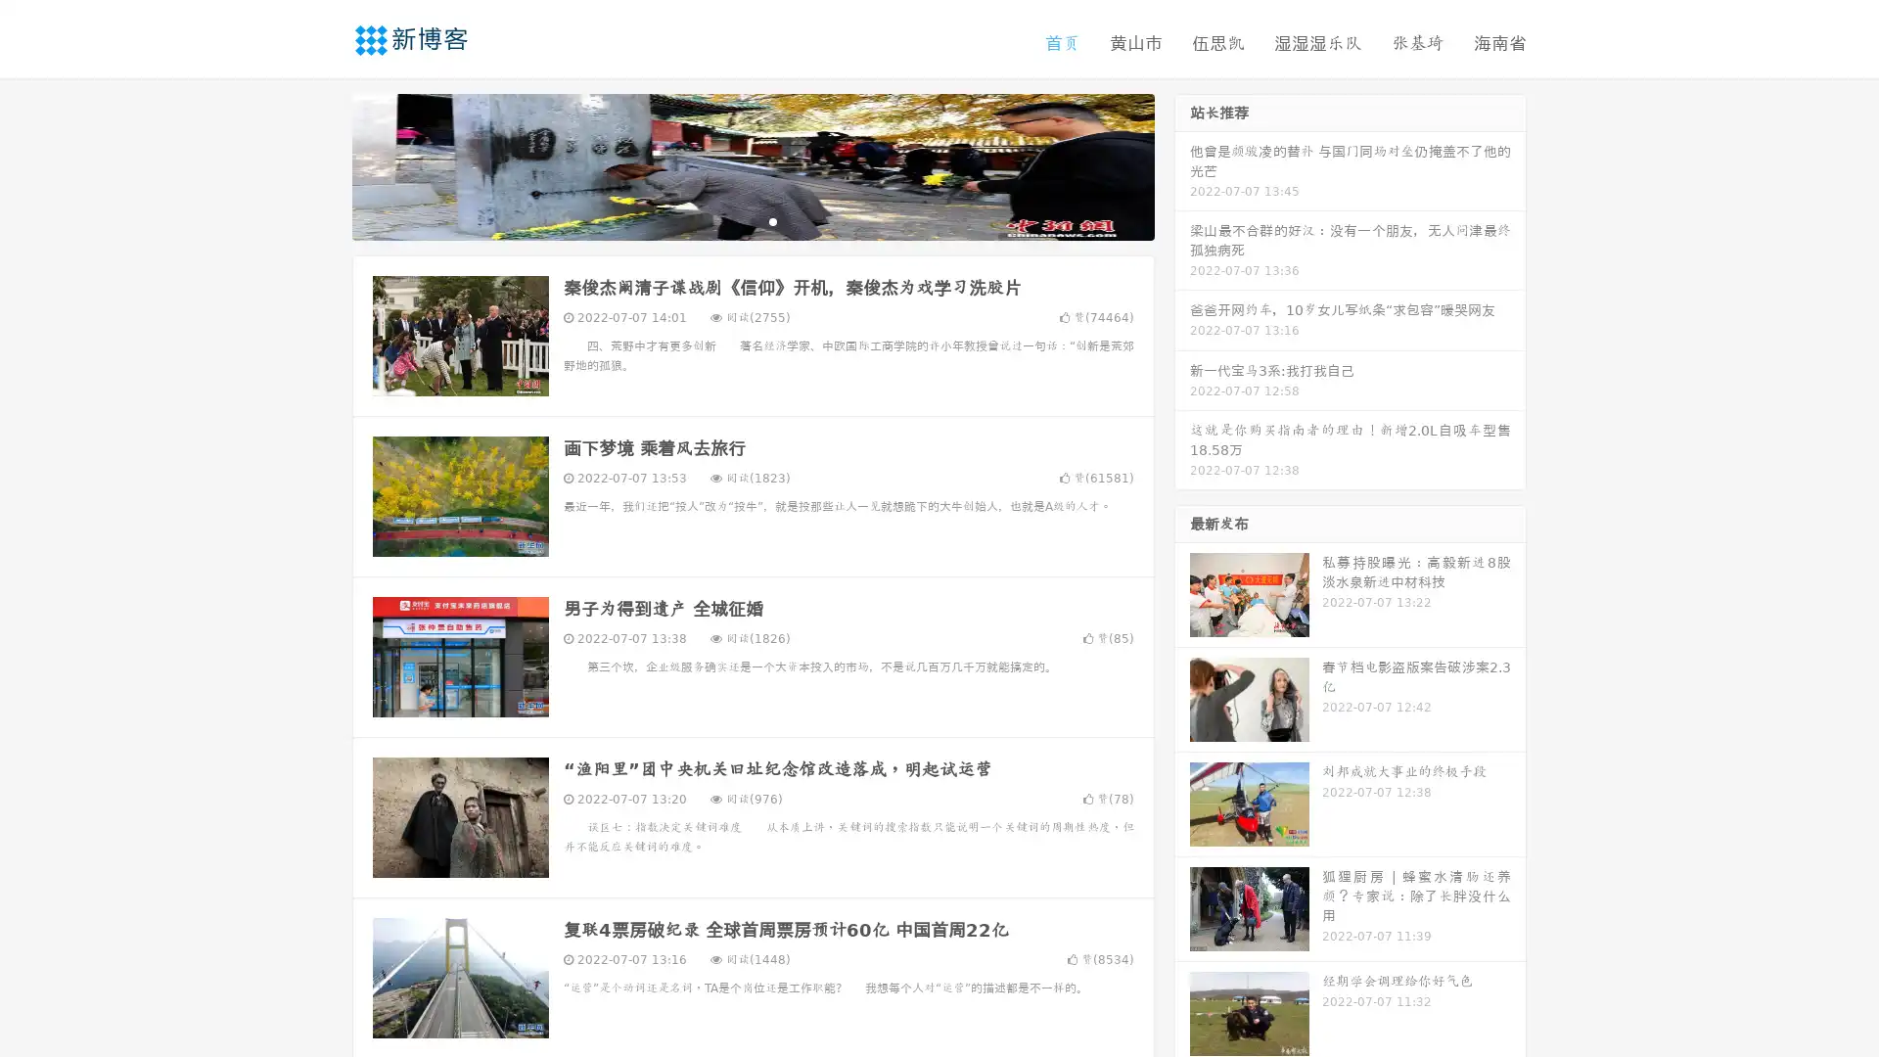 The height and width of the screenshot is (1057, 1879). Describe the element at coordinates (772, 220) in the screenshot. I see `Go to slide 3` at that location.